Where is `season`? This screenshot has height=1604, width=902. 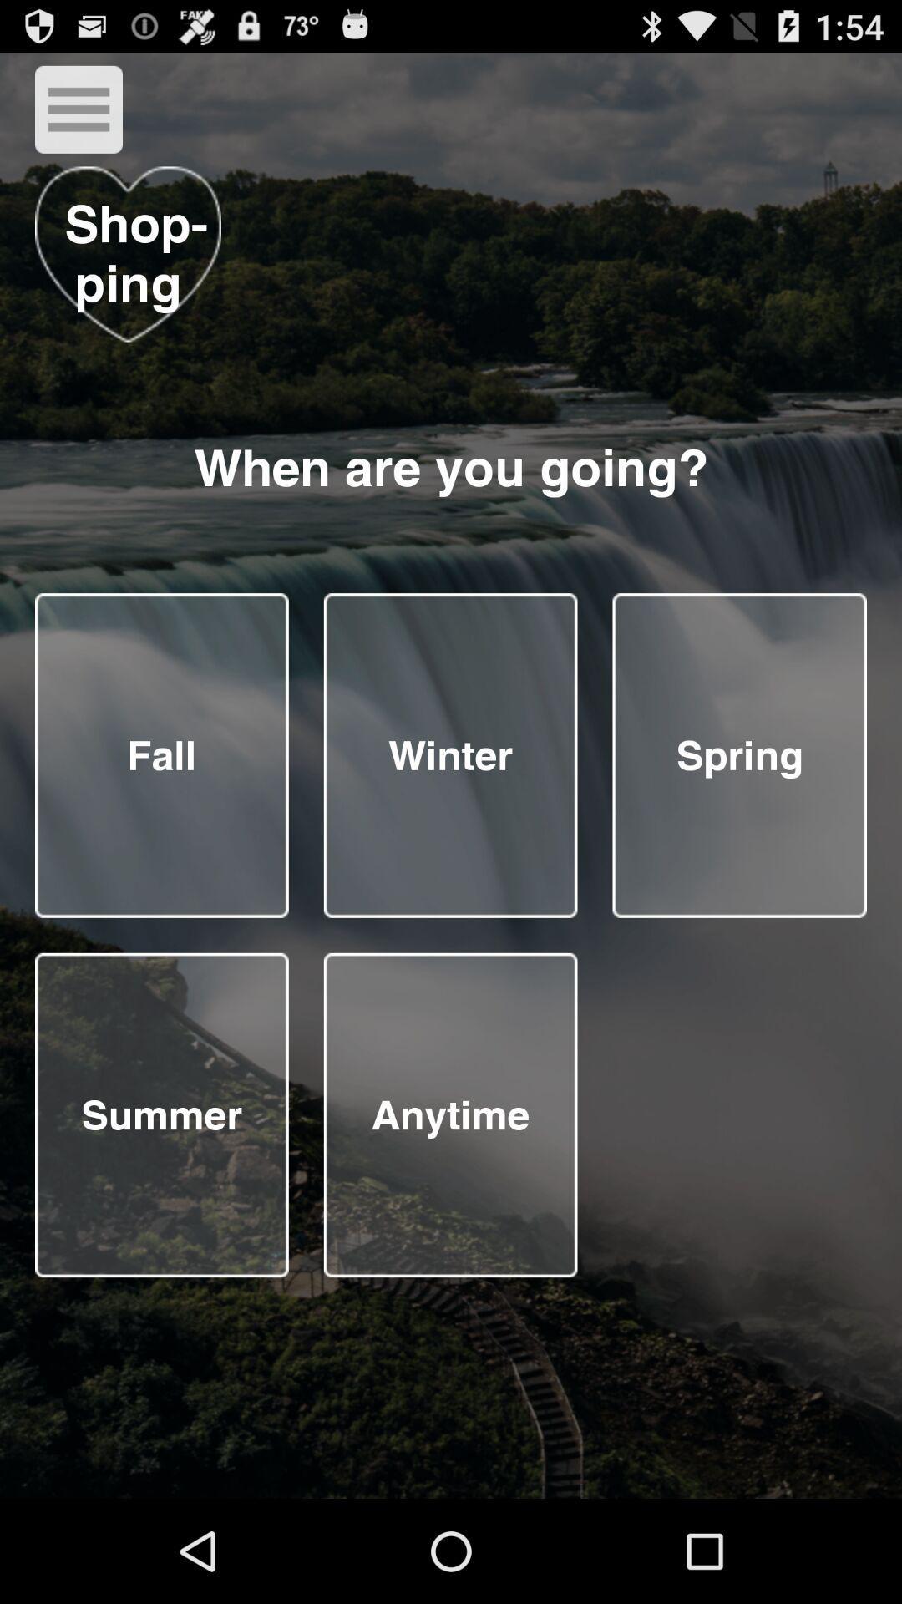 season is located at coordinates (449, 754).